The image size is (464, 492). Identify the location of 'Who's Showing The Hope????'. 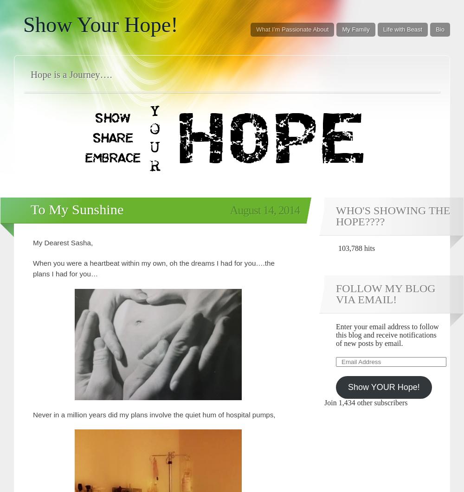
(393, 216).